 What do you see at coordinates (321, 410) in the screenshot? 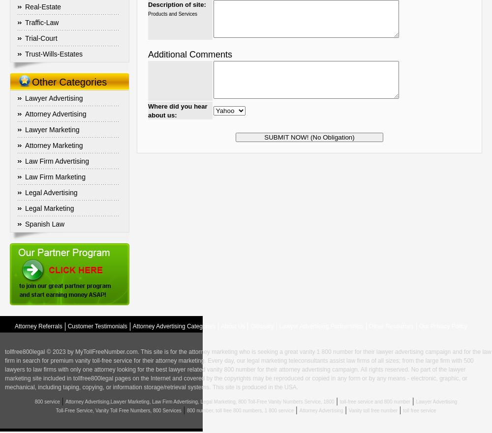
I see `'Attorney Advertising'` at bounding box center [321, 410].